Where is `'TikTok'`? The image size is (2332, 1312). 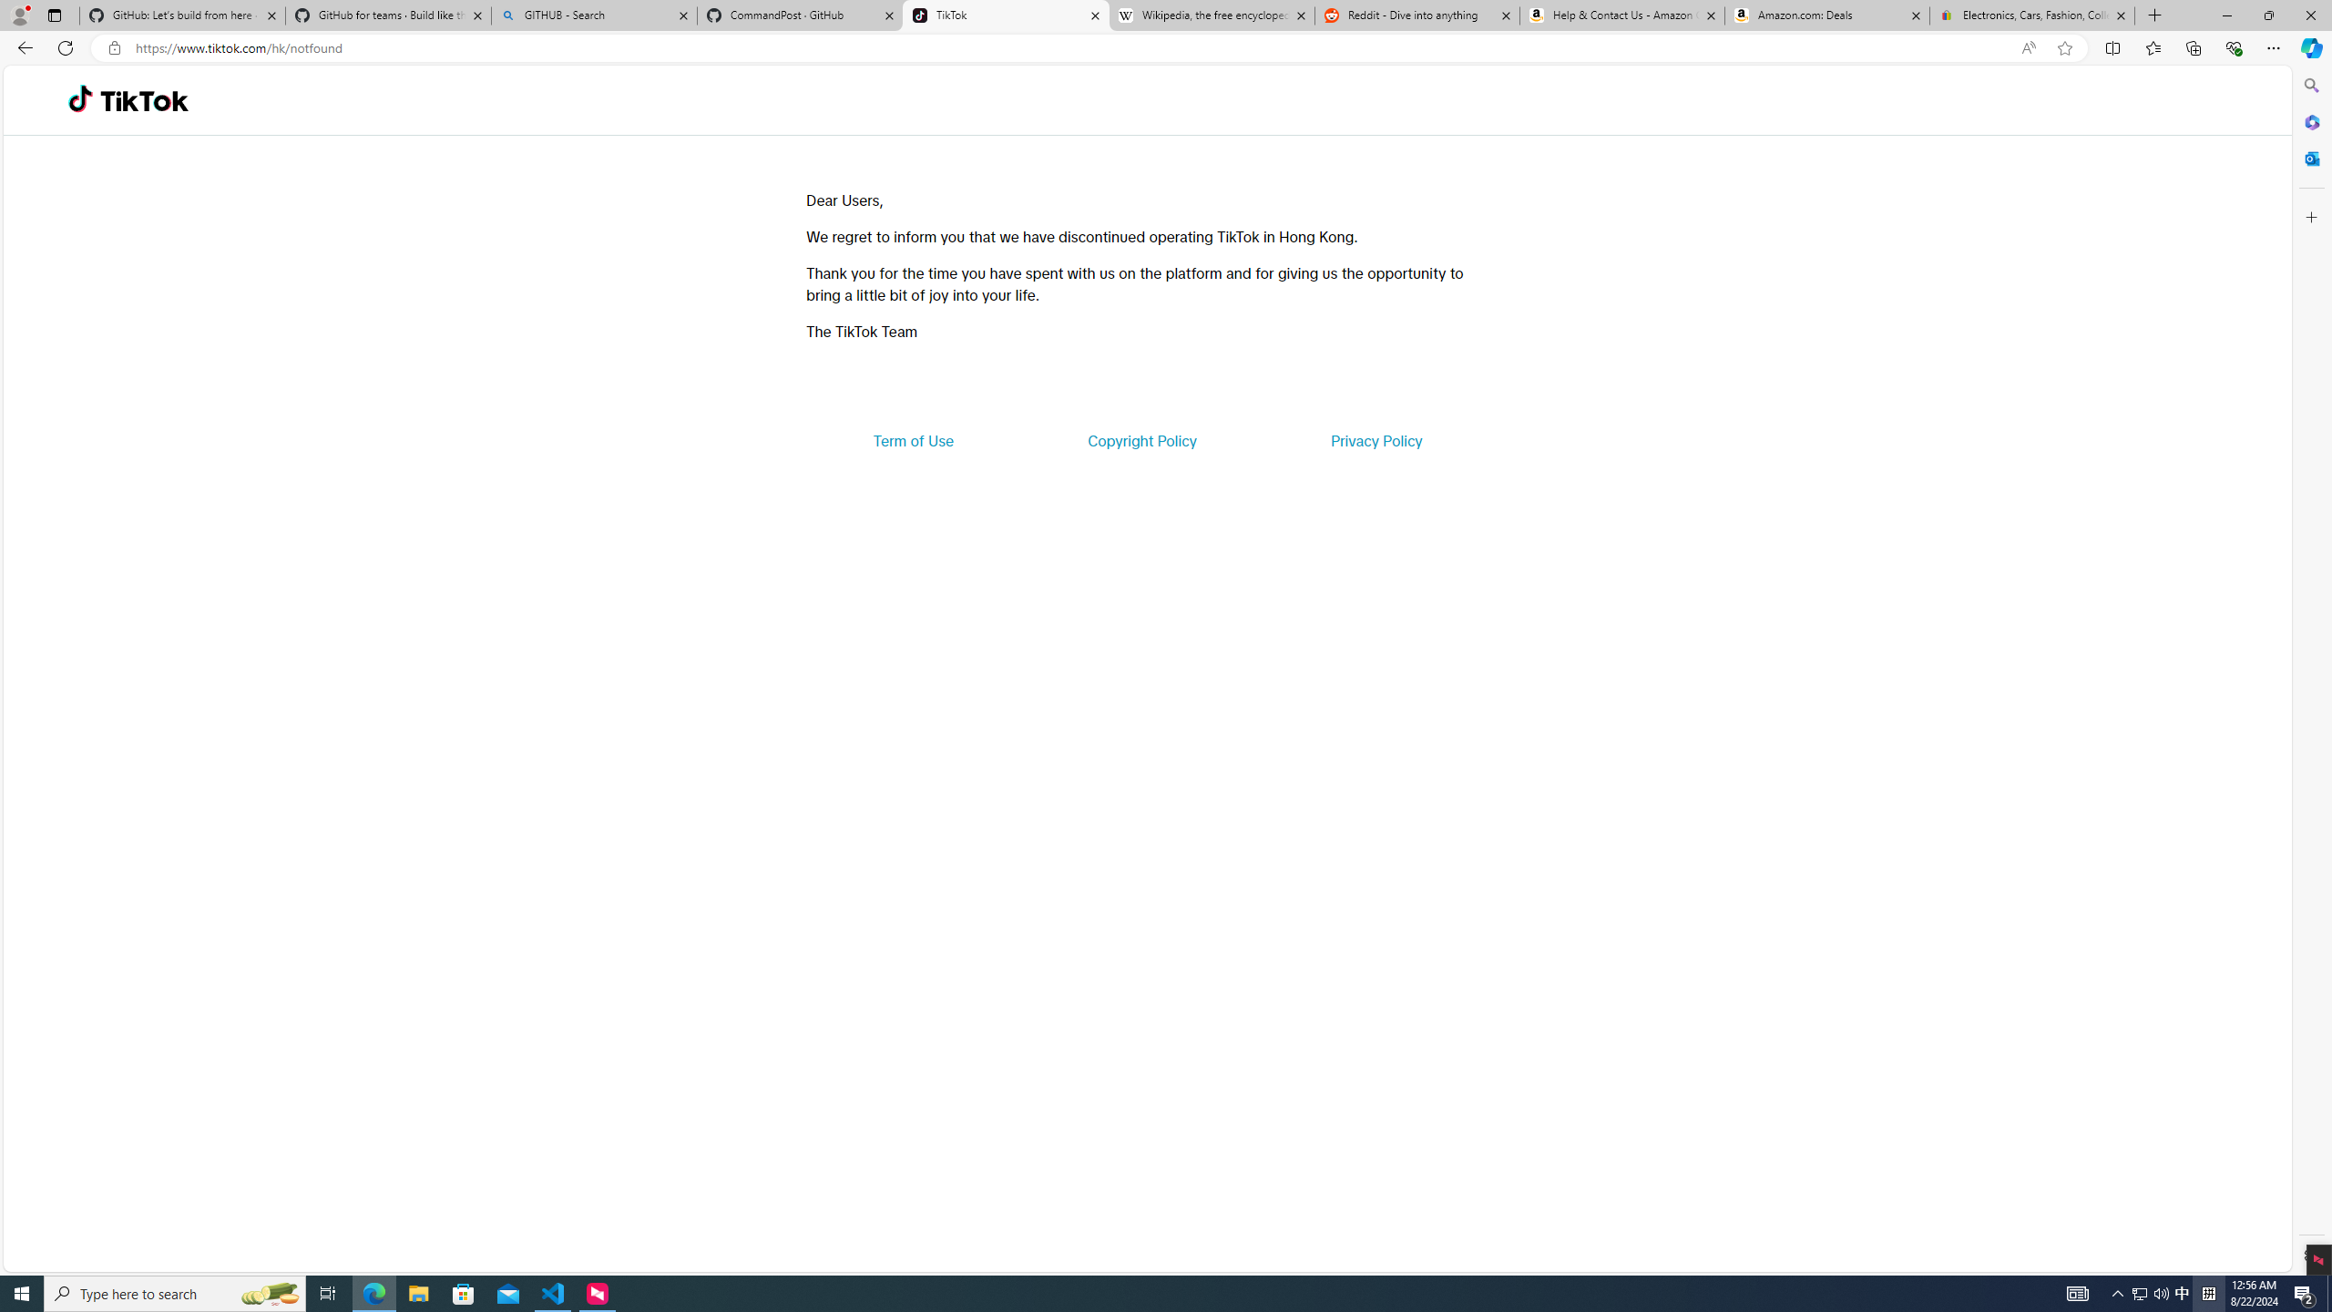
'TikTok' is located at coordinates (144, 100).